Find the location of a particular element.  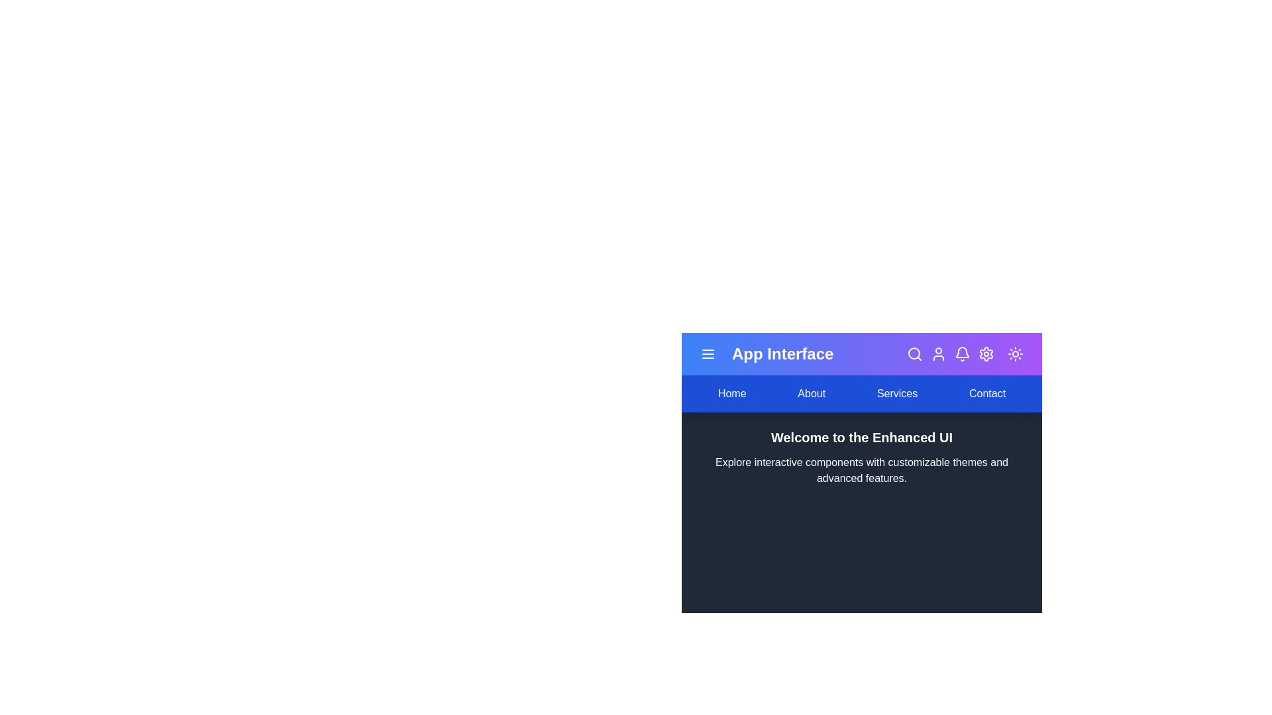

the navigation link labeled Services is located at coordinates (896, 393).